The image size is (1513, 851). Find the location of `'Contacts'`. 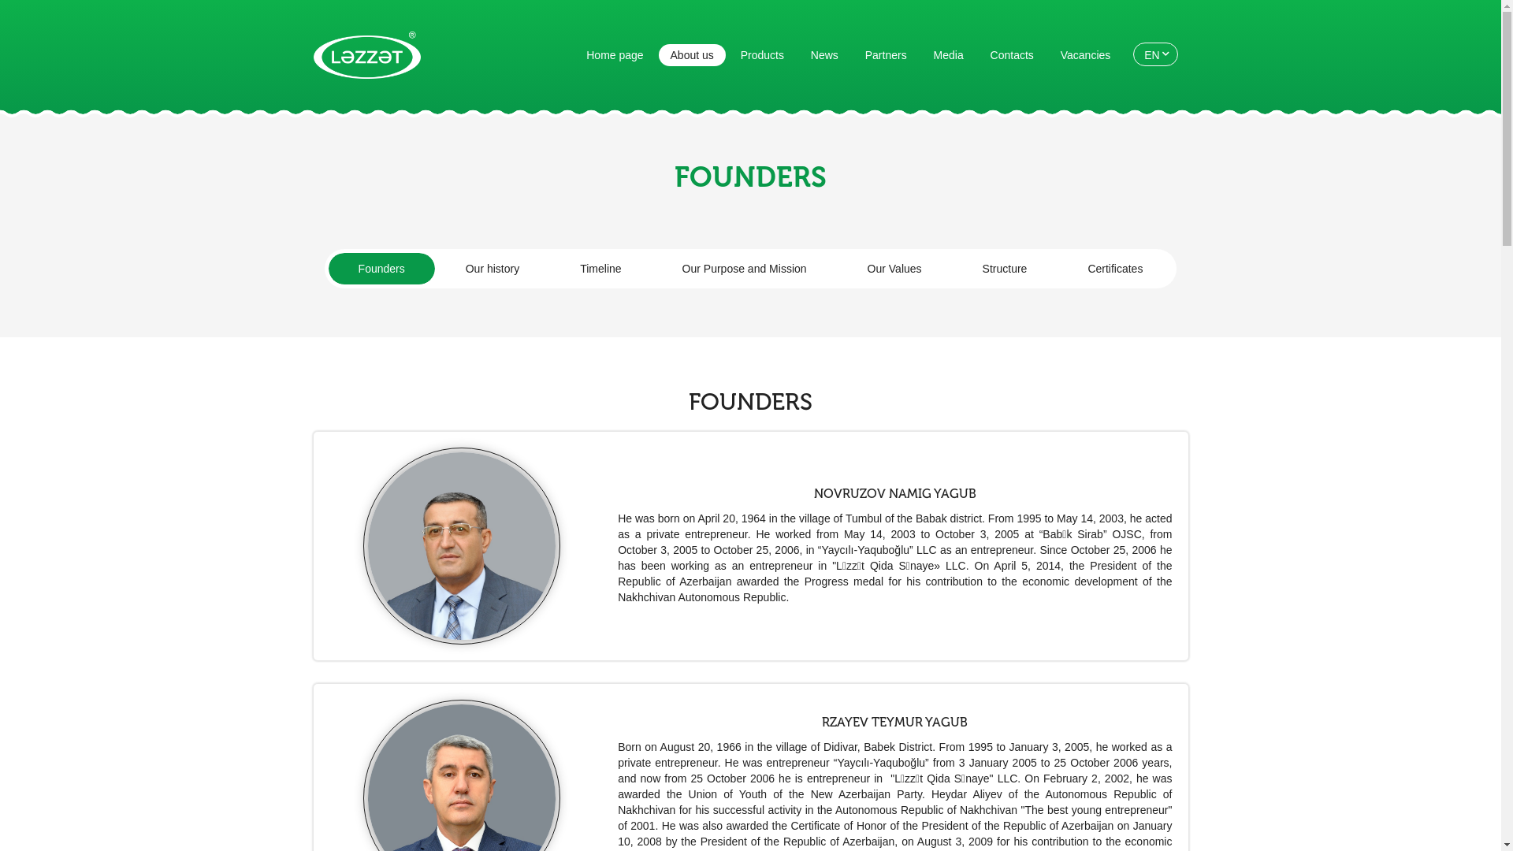

'Contacts' is located at coordinates (1012, 54).